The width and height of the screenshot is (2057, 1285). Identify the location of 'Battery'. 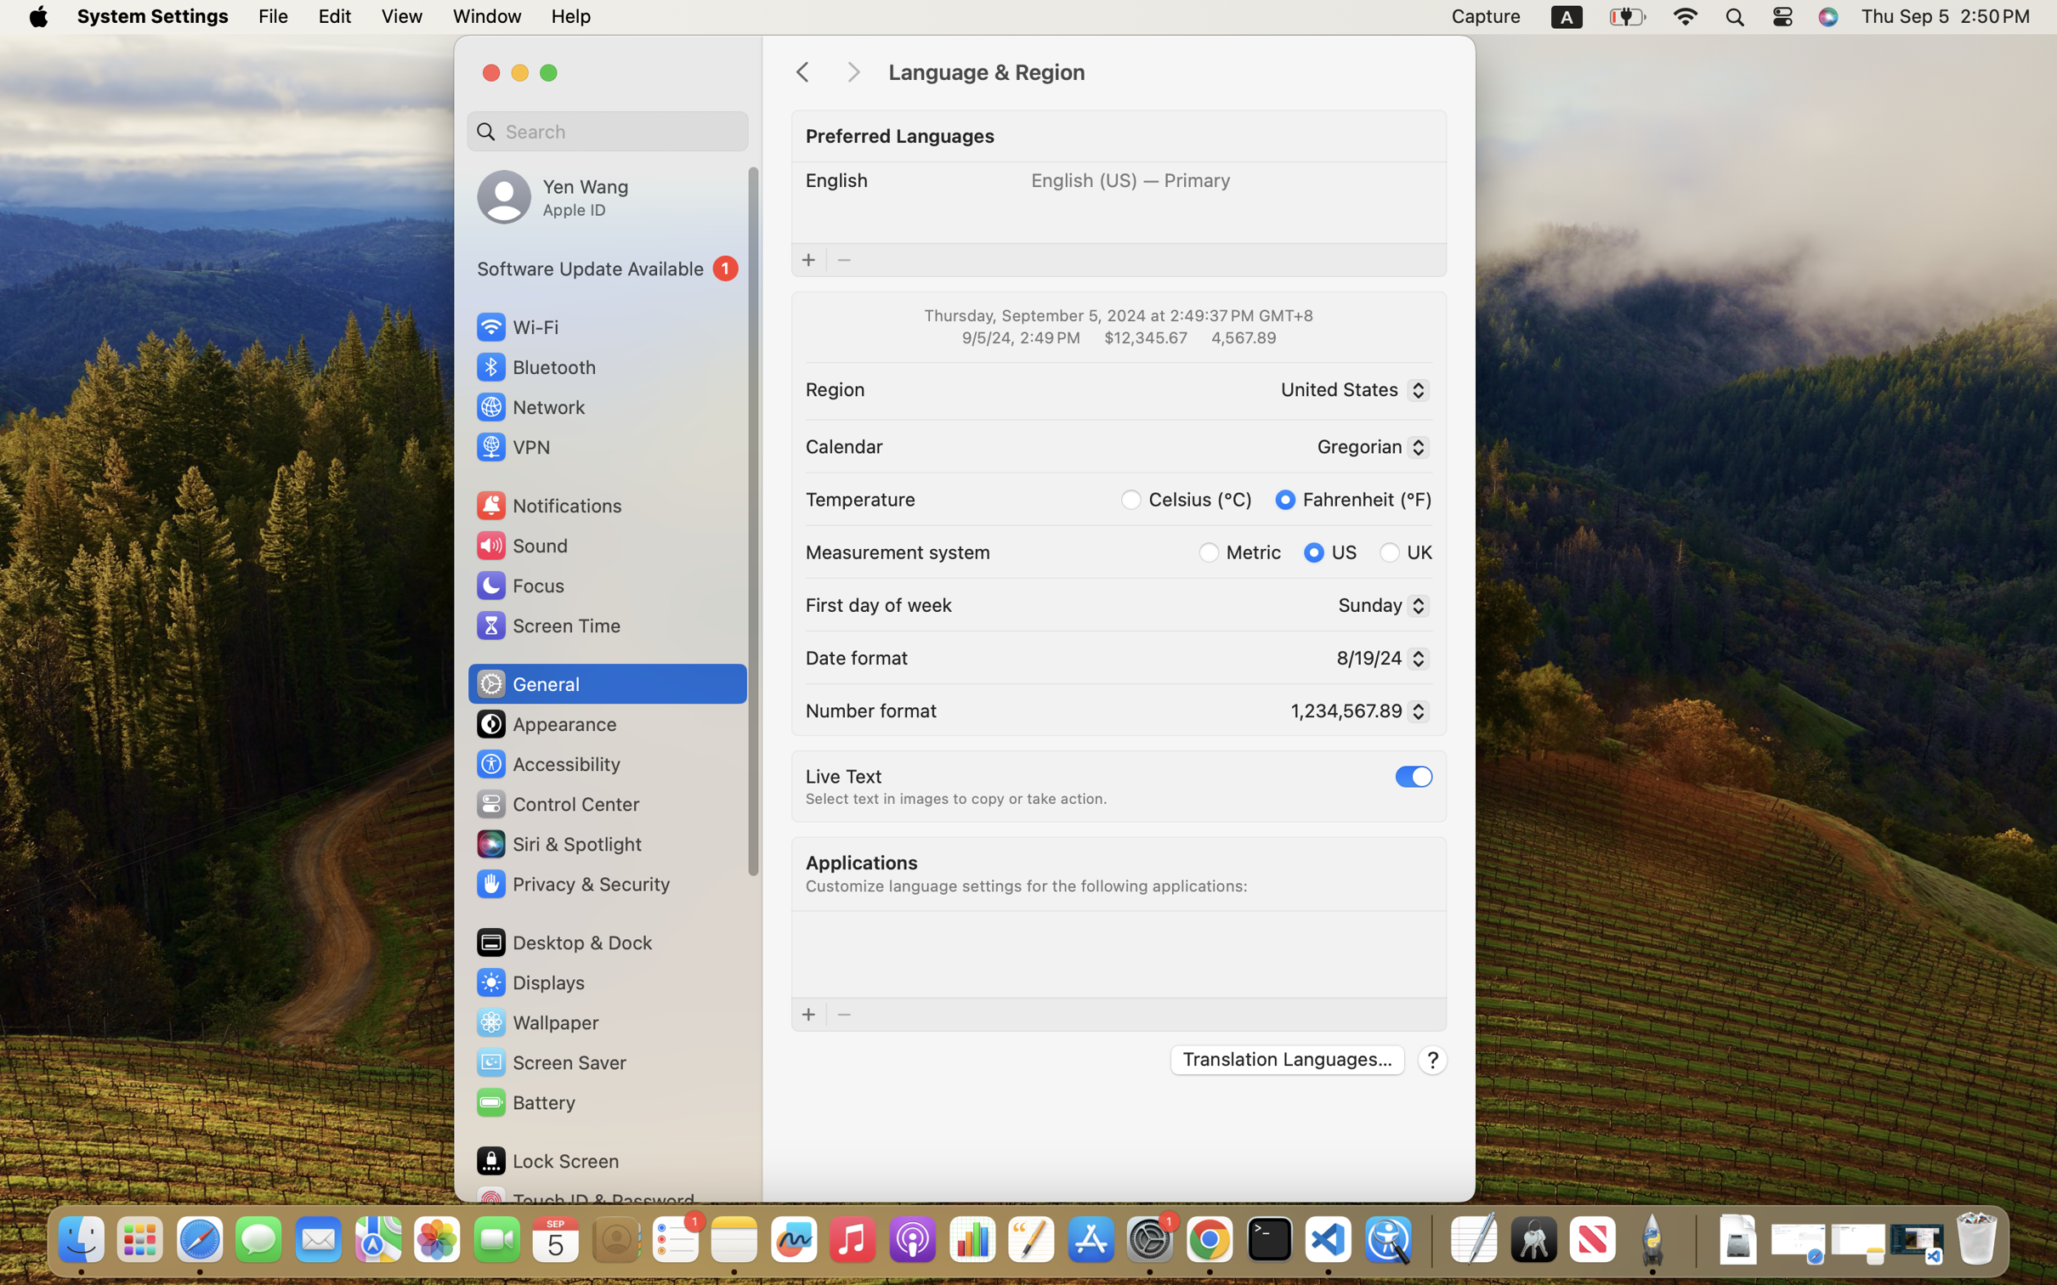
(524, 1101).